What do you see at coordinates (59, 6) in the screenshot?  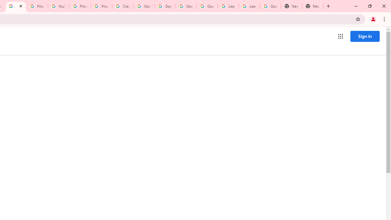 I see `'YouTube'` at bounding box center [59, 6].